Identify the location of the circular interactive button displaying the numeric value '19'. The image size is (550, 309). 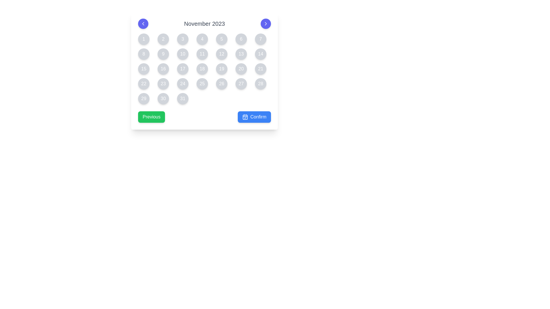
(221, 68).